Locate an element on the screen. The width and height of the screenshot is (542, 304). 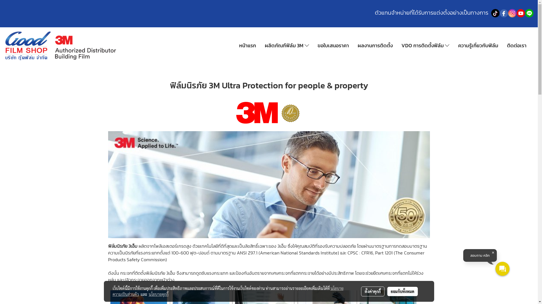
'logo' is located at coordinates (61, 45).